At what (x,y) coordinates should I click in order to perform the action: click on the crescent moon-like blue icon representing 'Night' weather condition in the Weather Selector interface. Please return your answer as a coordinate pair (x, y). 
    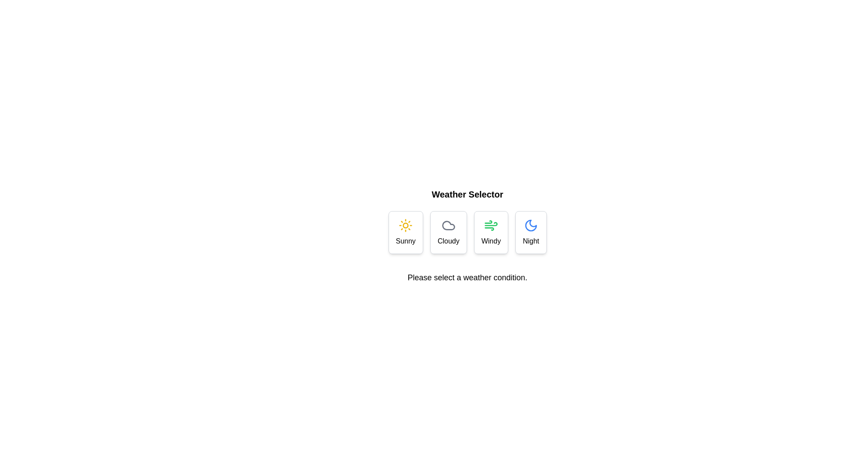
    Looking at the image, I should click on (530, 225).